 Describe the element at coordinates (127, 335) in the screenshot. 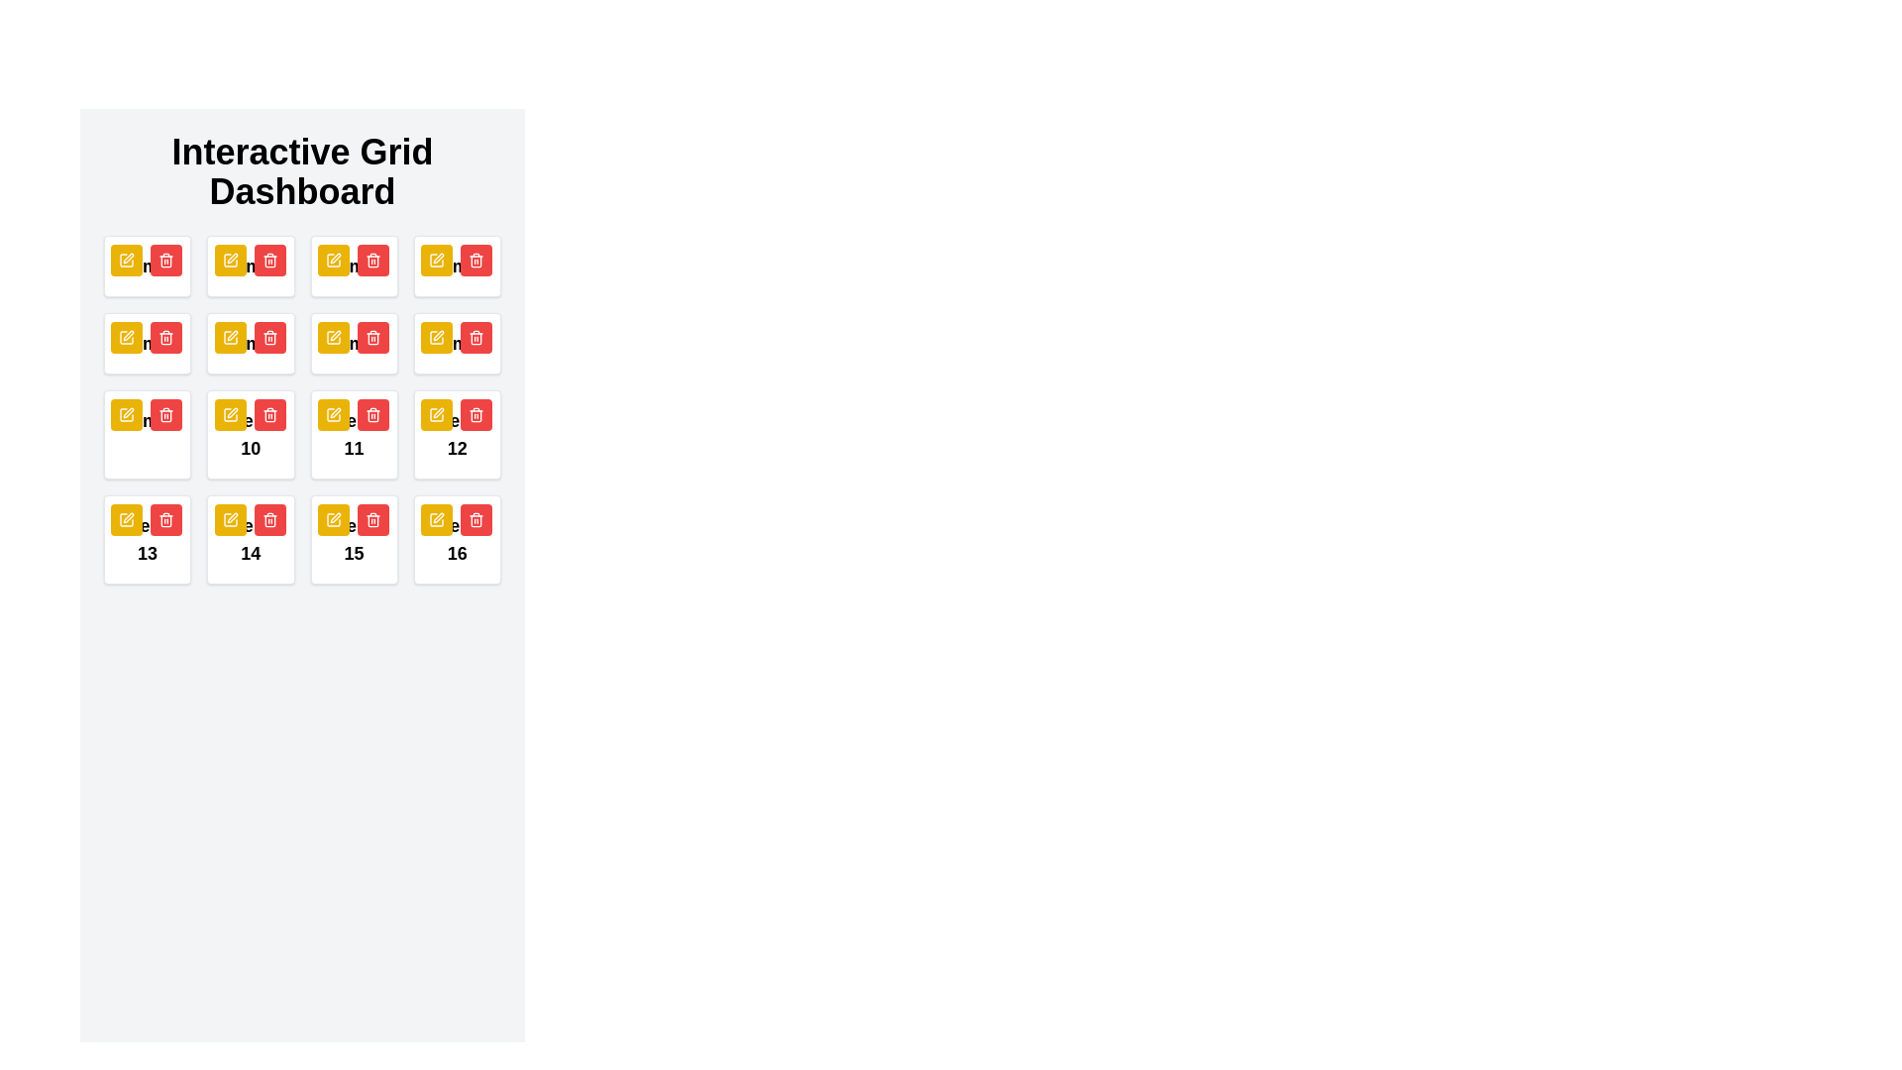

I see `the small edit icon within the grid layout` at that location.